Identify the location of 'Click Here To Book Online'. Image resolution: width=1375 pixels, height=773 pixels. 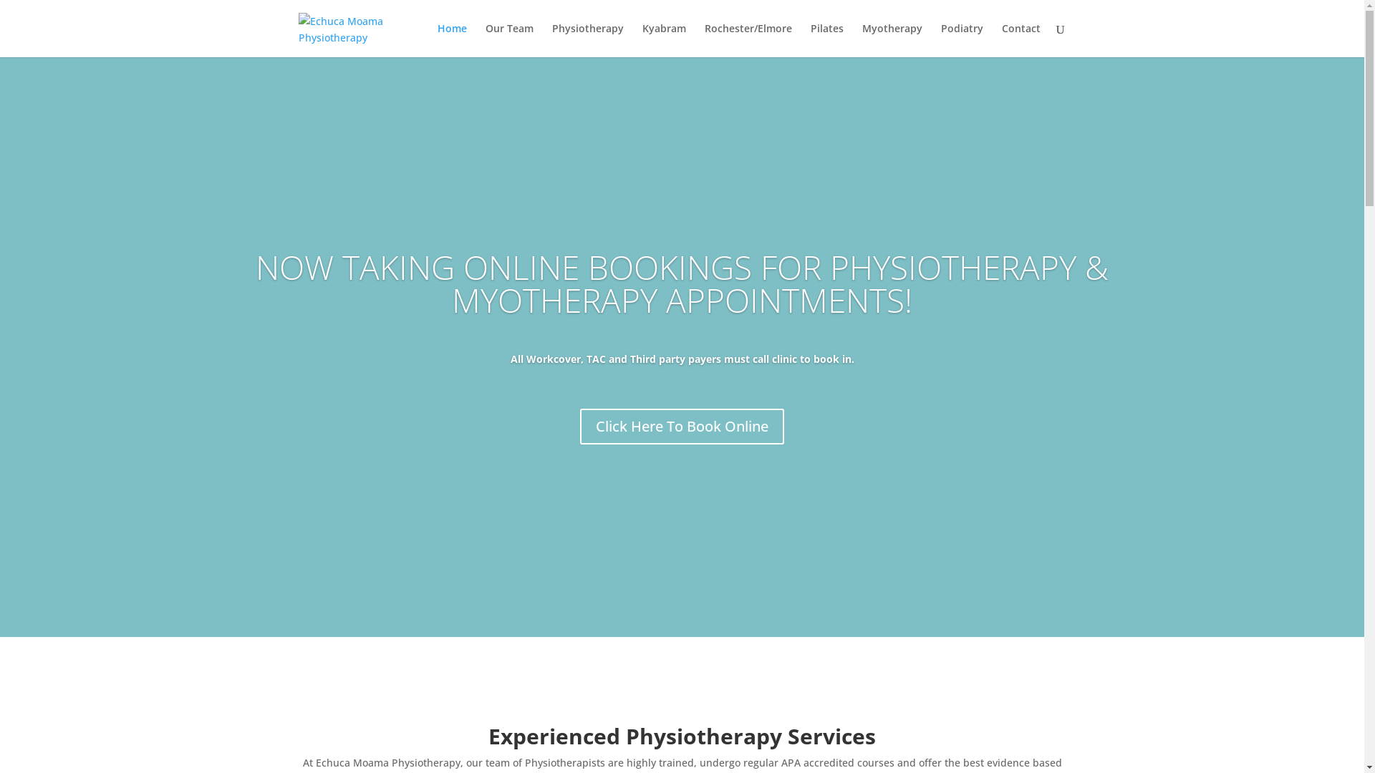
(681, 426).